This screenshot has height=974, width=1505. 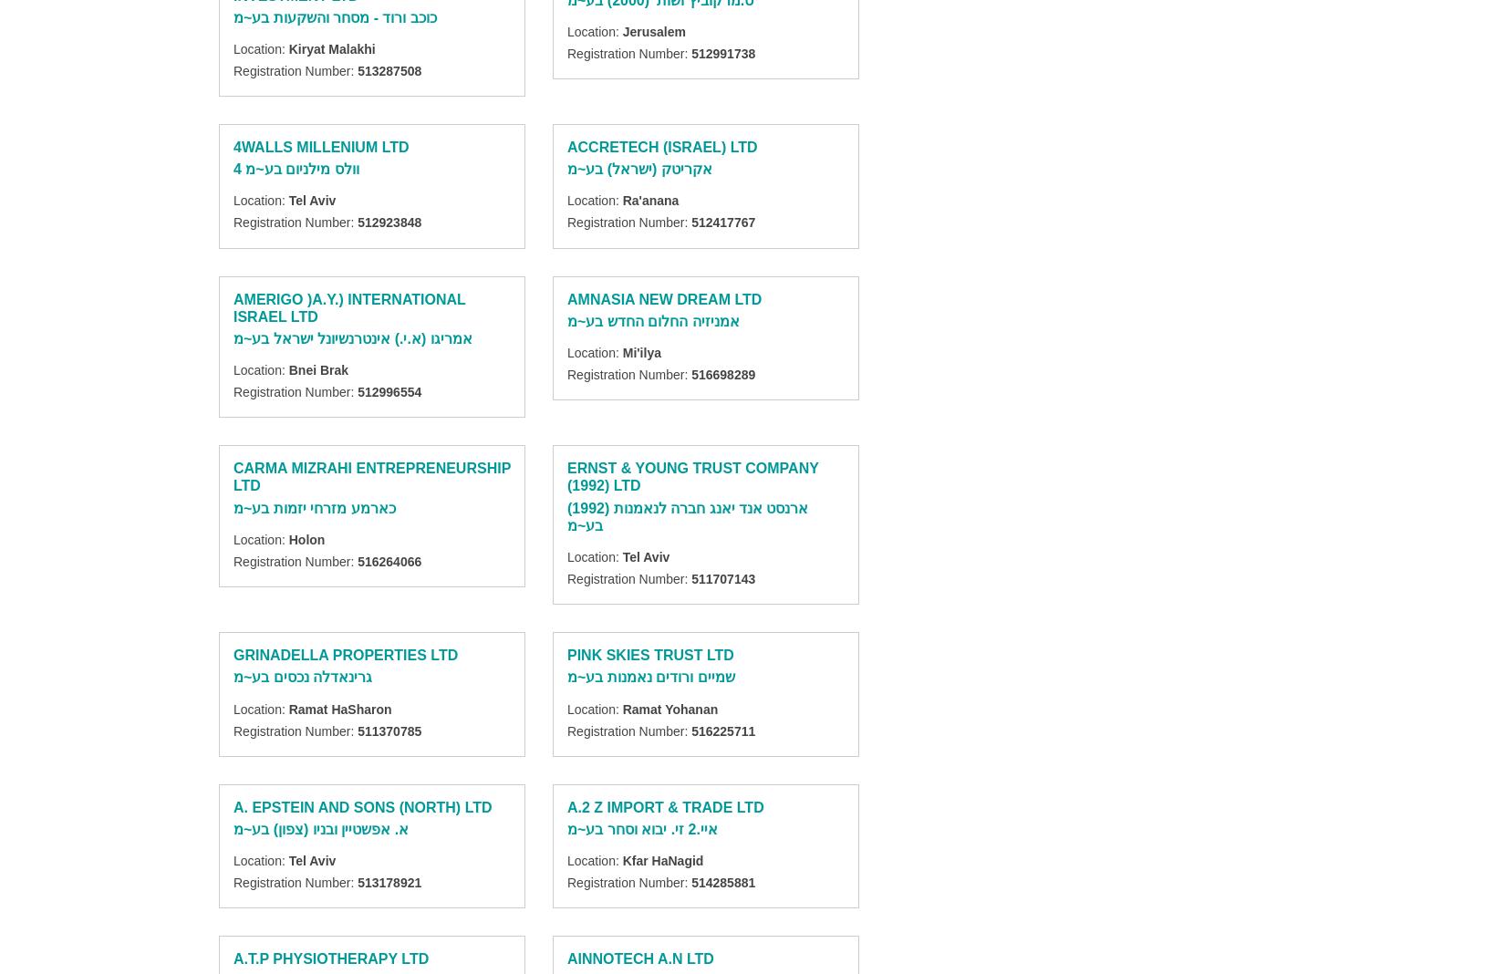 What do you see at coordinates (669, 708) in the screenshot?
I see `'Ramat Yohanan'` at bounding box center [669, 708].